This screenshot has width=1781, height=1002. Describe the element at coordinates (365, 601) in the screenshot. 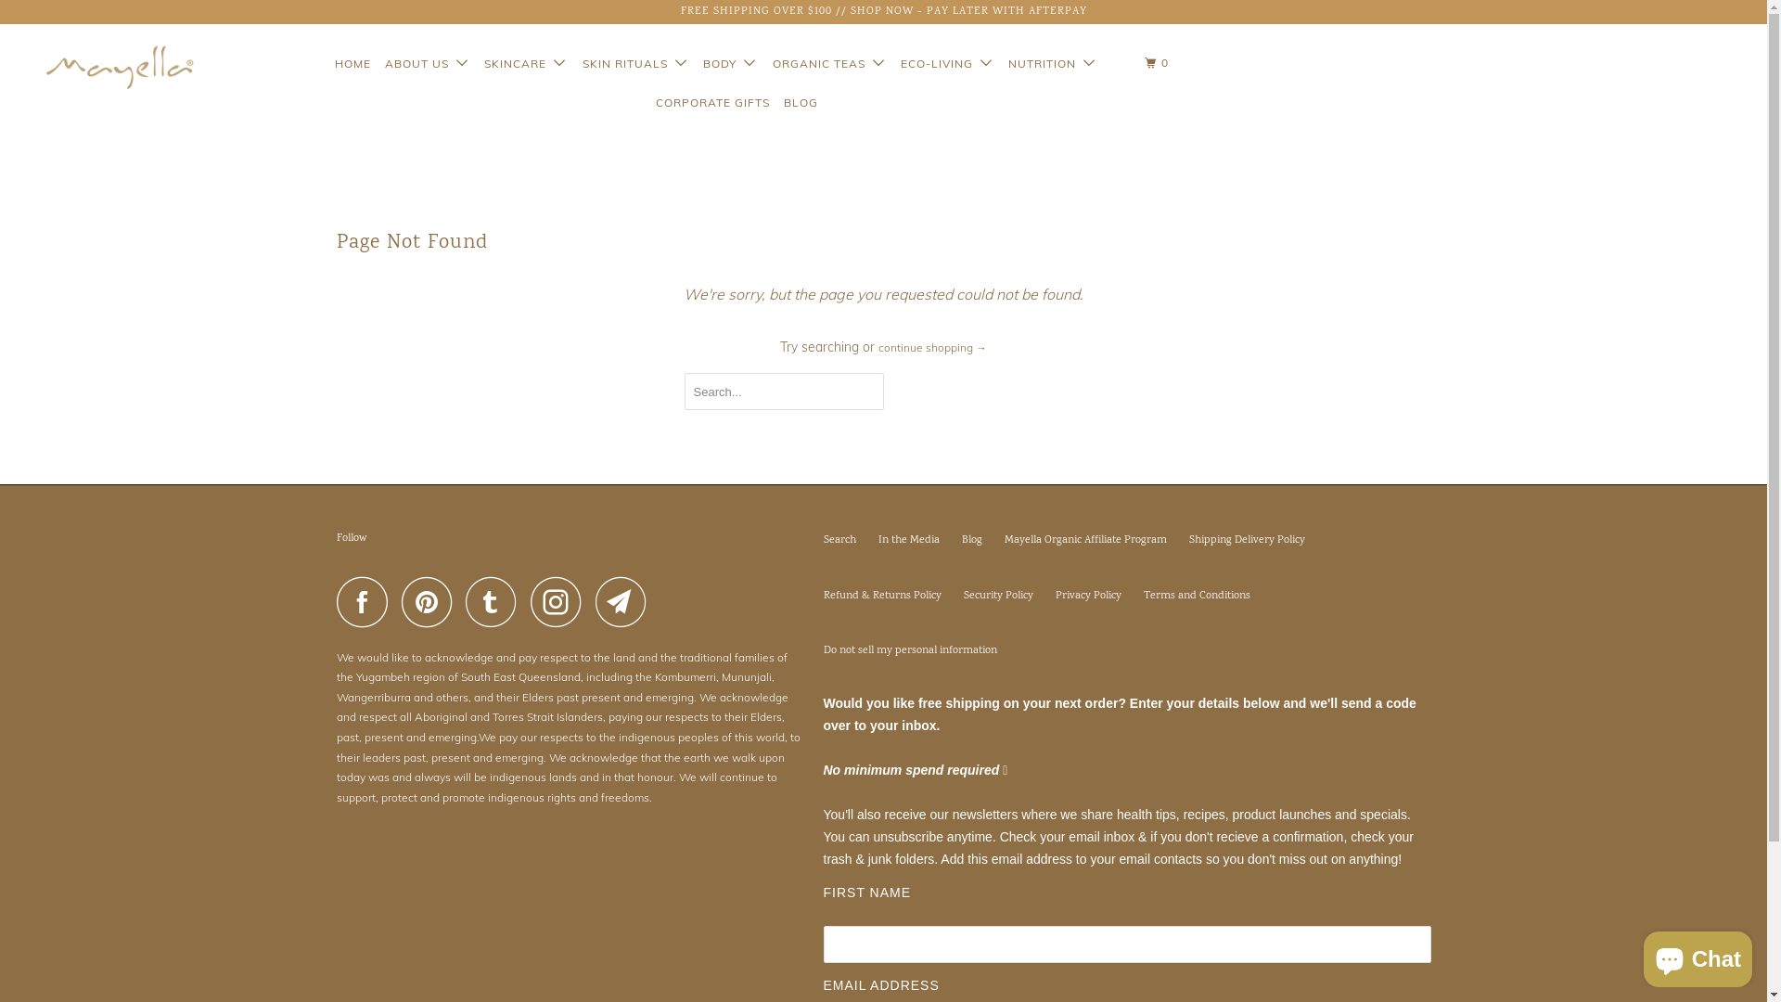

I see `'Mayella Organics on Facebook'` at that location.